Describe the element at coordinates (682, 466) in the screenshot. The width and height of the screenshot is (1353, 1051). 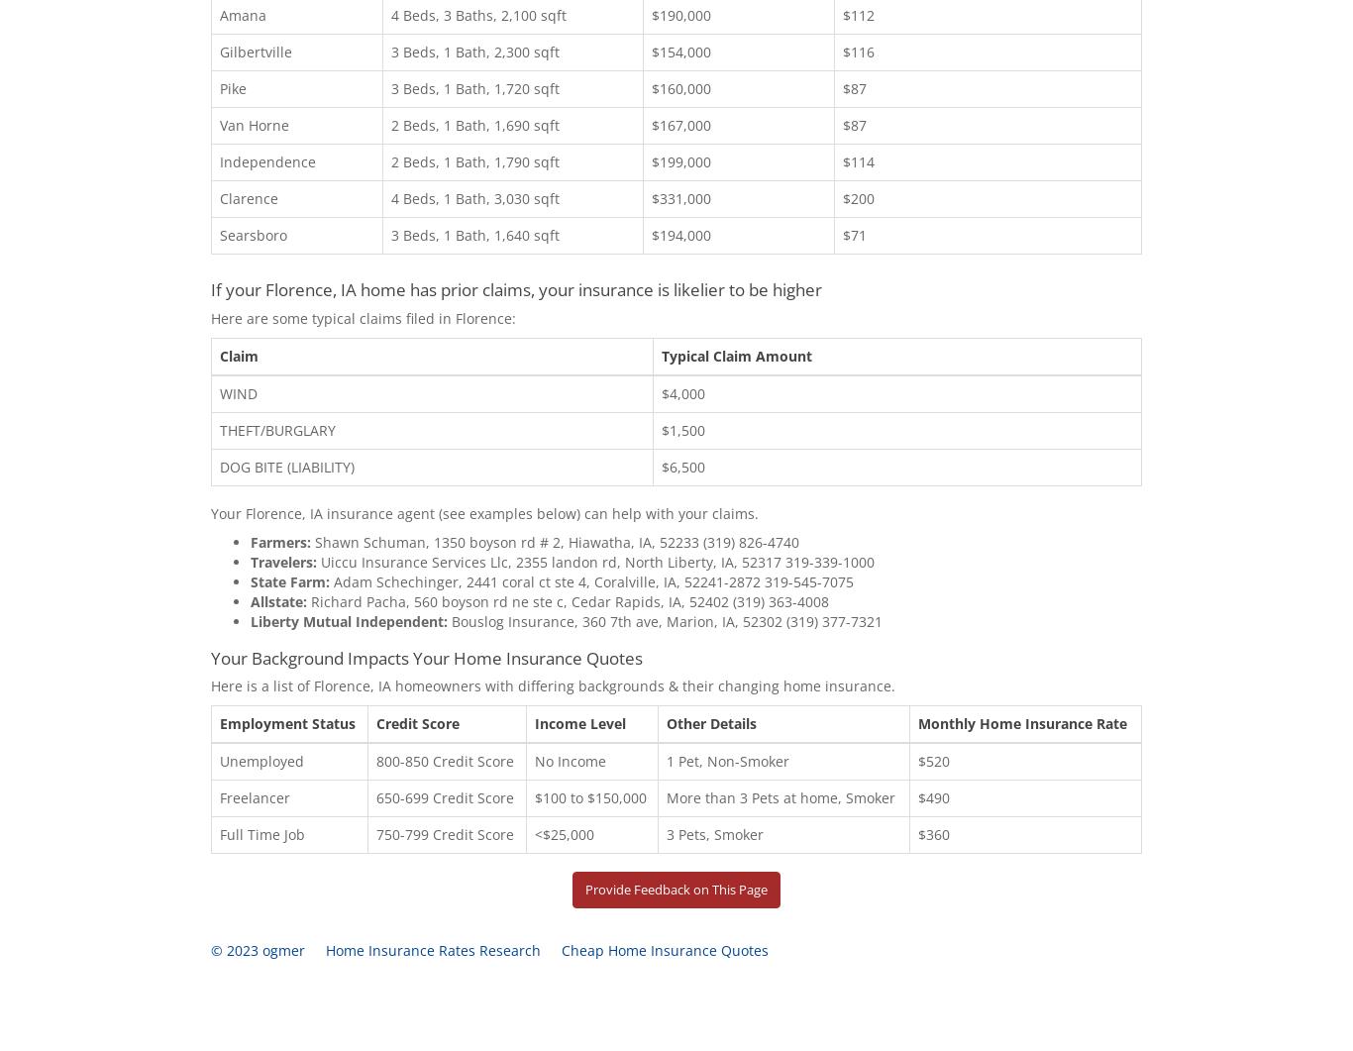
I see `'$6,500'` at that location.